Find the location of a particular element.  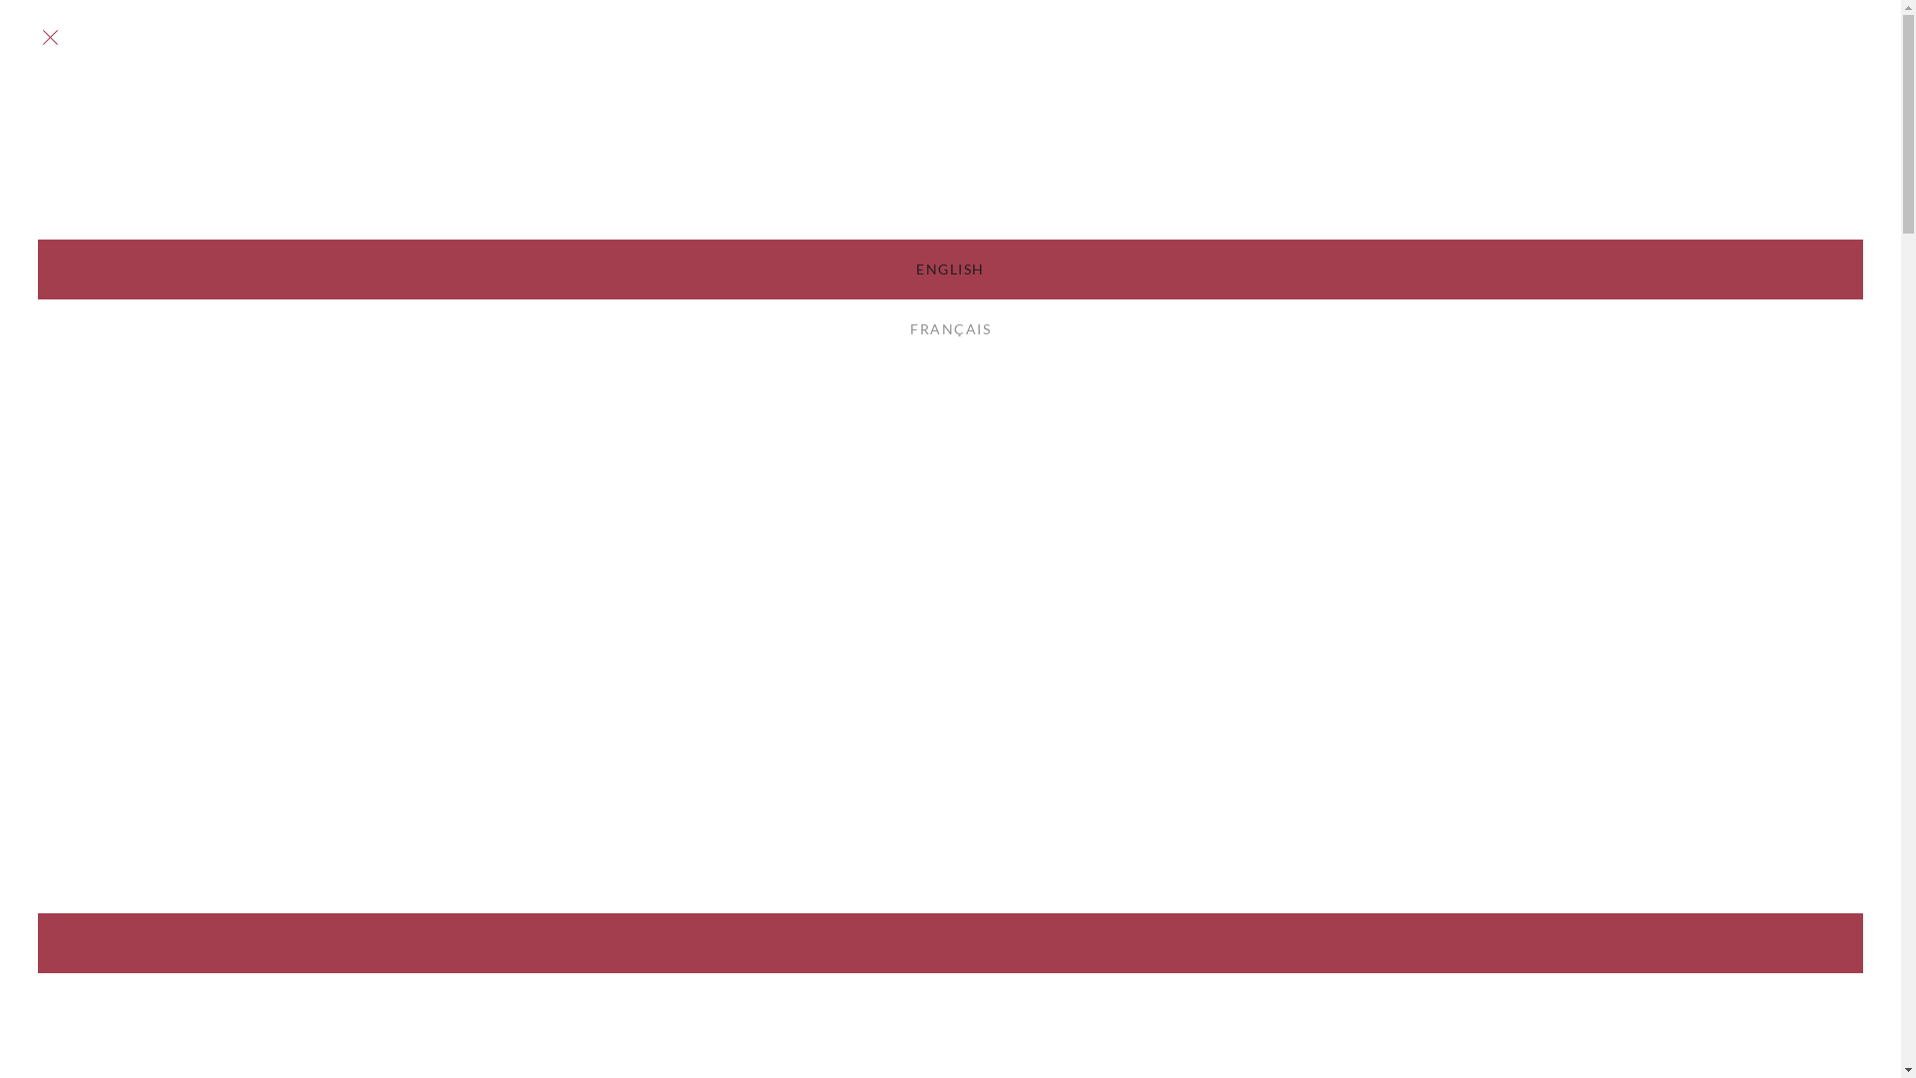

'ENGLISH' is located at coordinates (949, 269).